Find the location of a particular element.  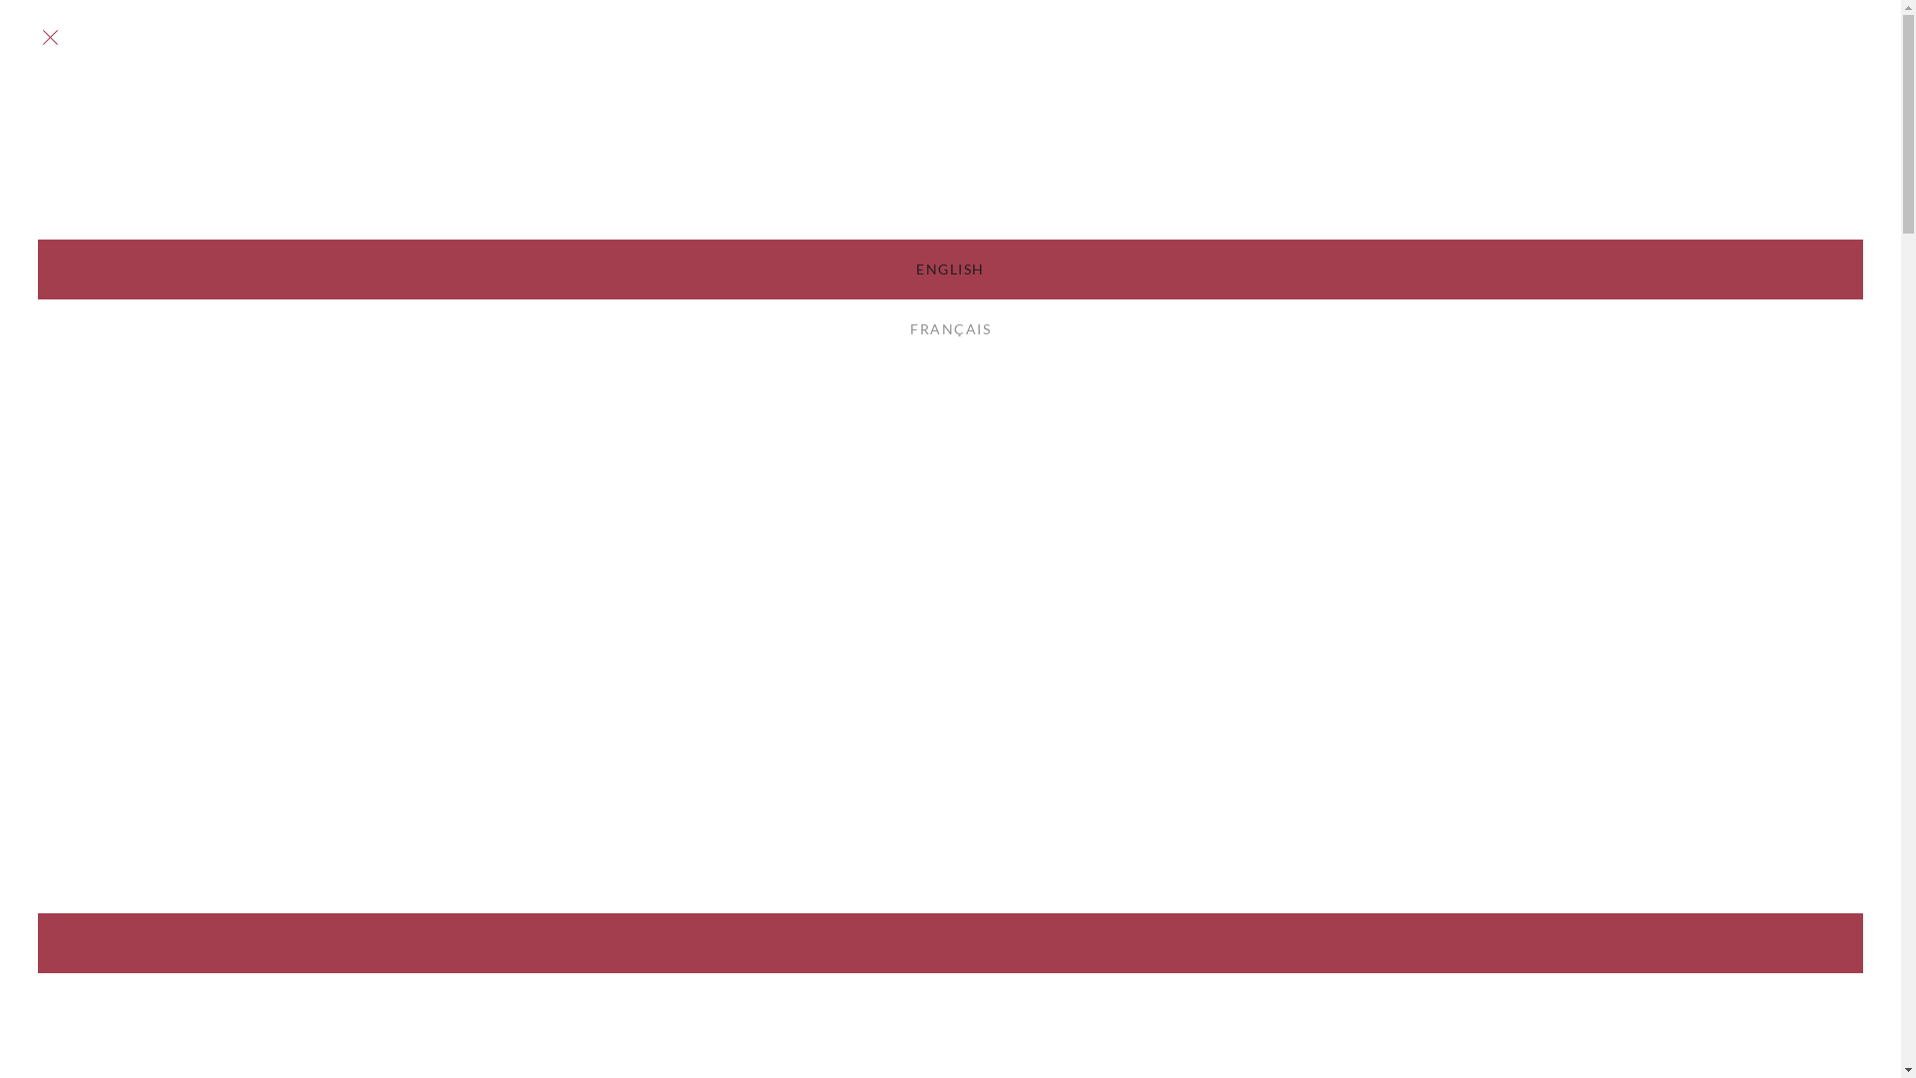

'ENGLISH' is located at coordinates (949, 269).